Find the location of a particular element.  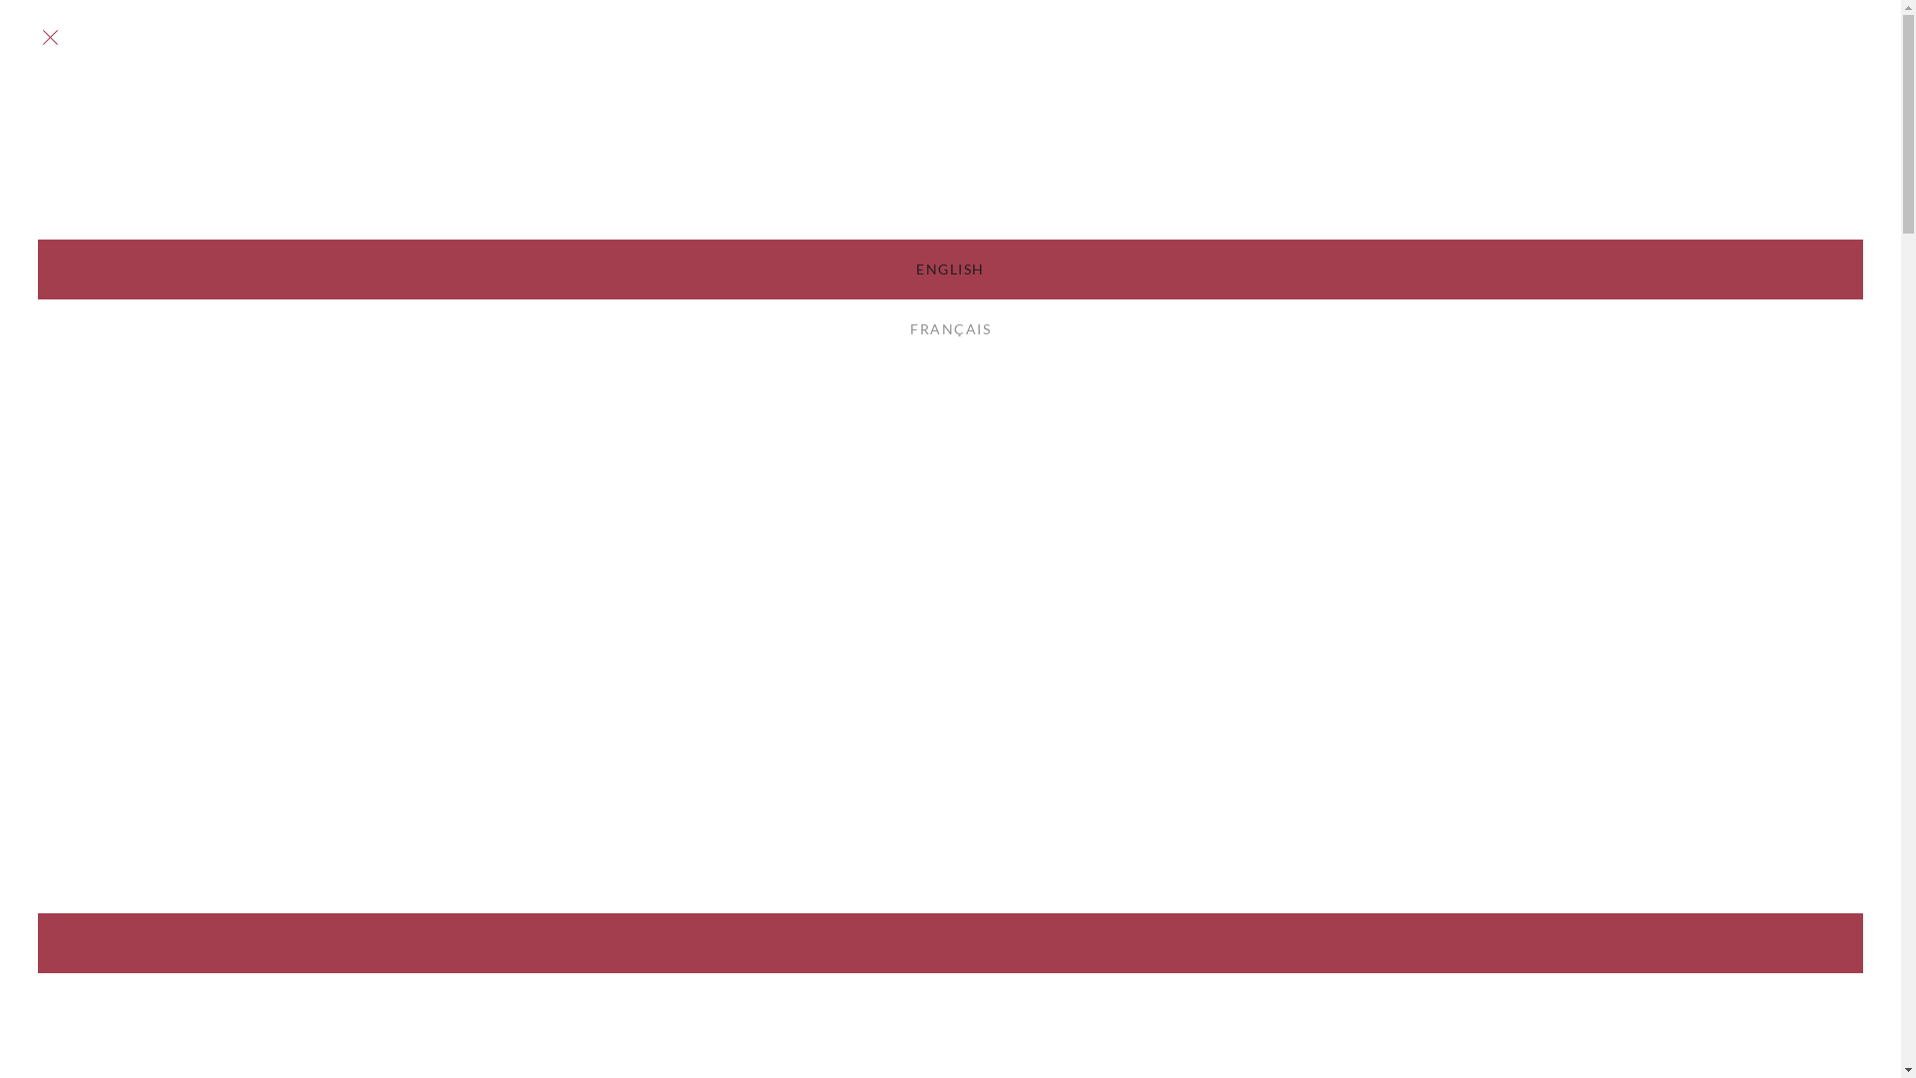

'ENGLISH' is located at coordinates (949, 269).